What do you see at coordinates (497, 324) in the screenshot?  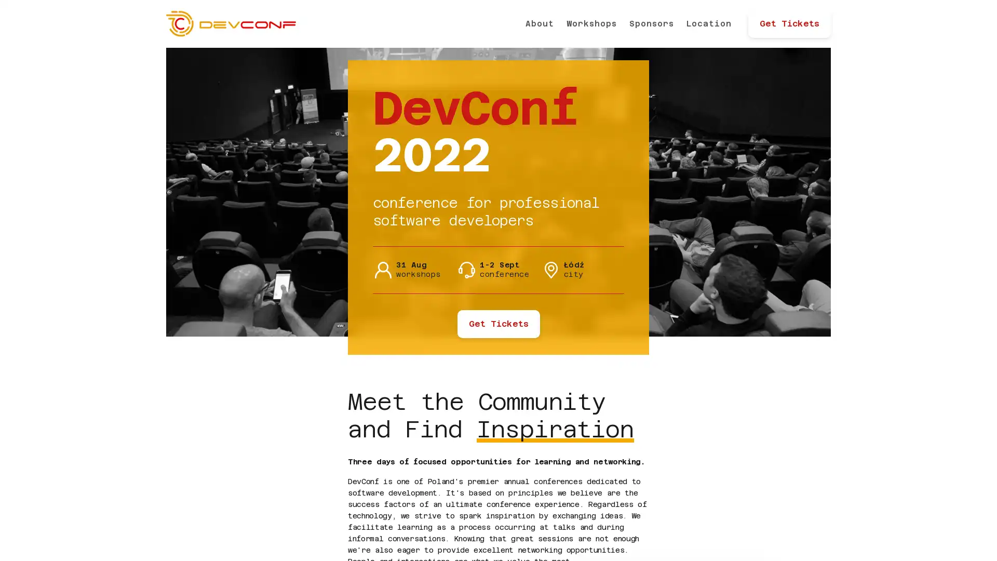 I see `Get Tickets` at bounding box center [497, 324].